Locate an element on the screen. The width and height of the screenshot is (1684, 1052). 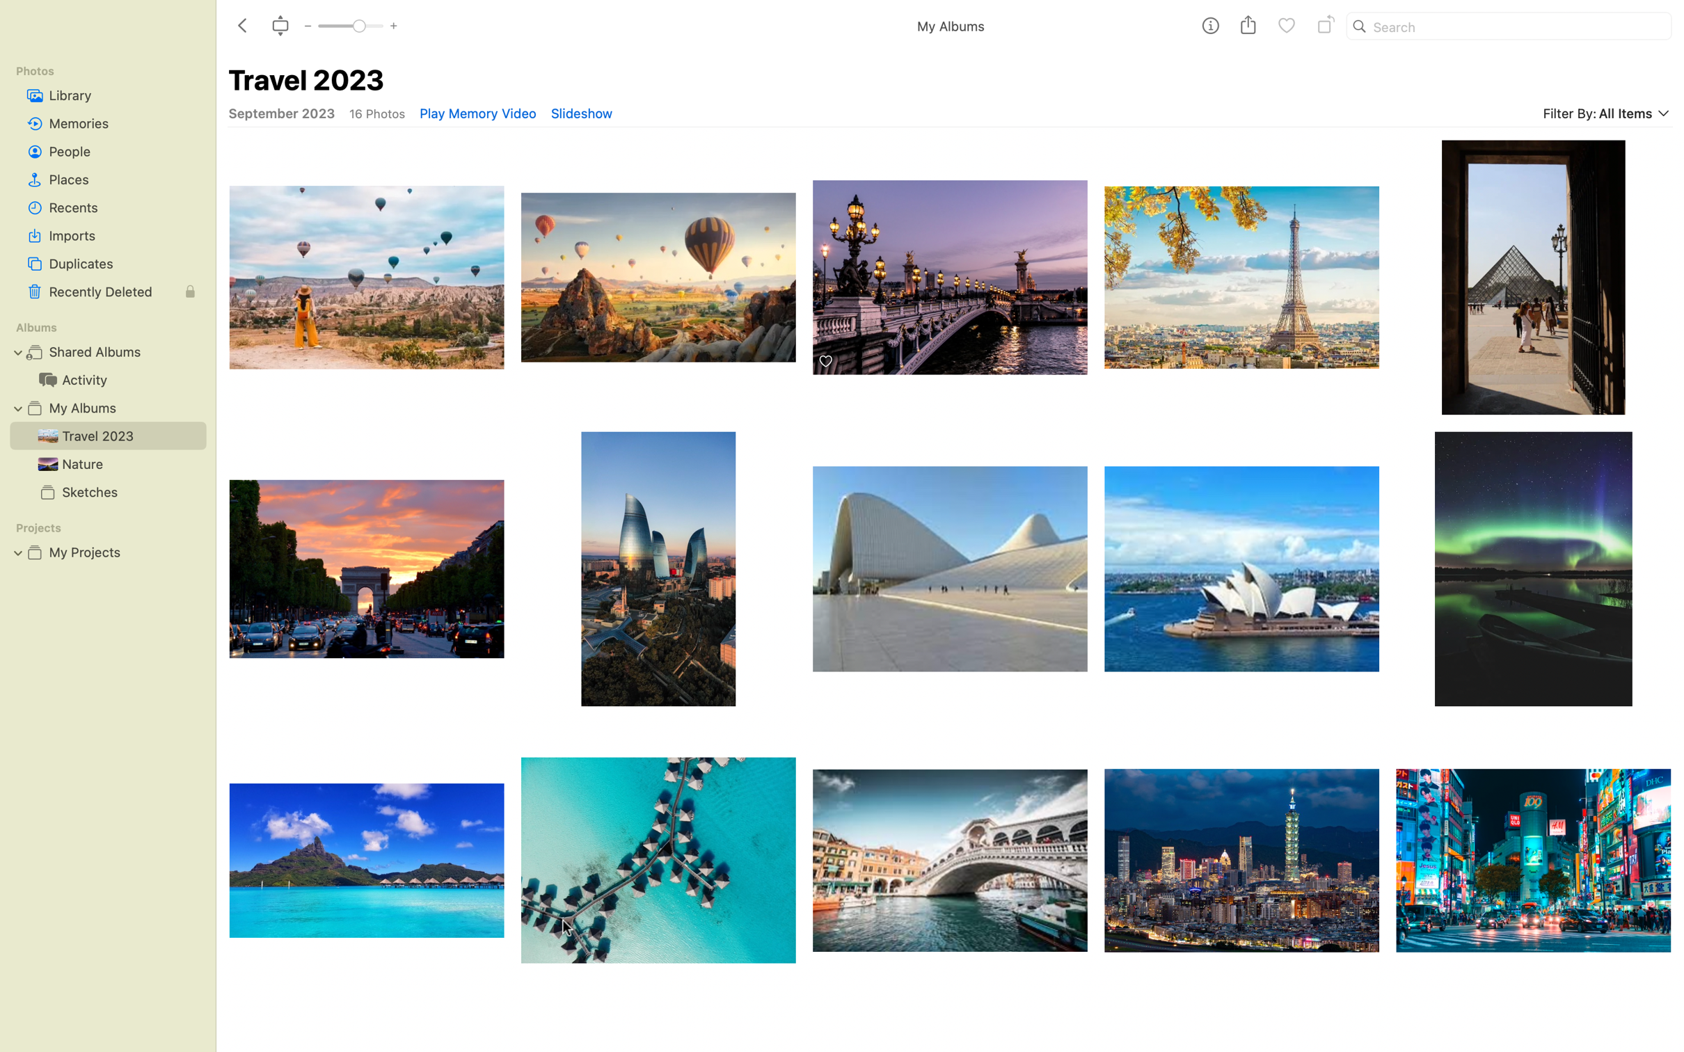
Spin the image of Arc de Triomphe once is located at coordinates (364, 569).